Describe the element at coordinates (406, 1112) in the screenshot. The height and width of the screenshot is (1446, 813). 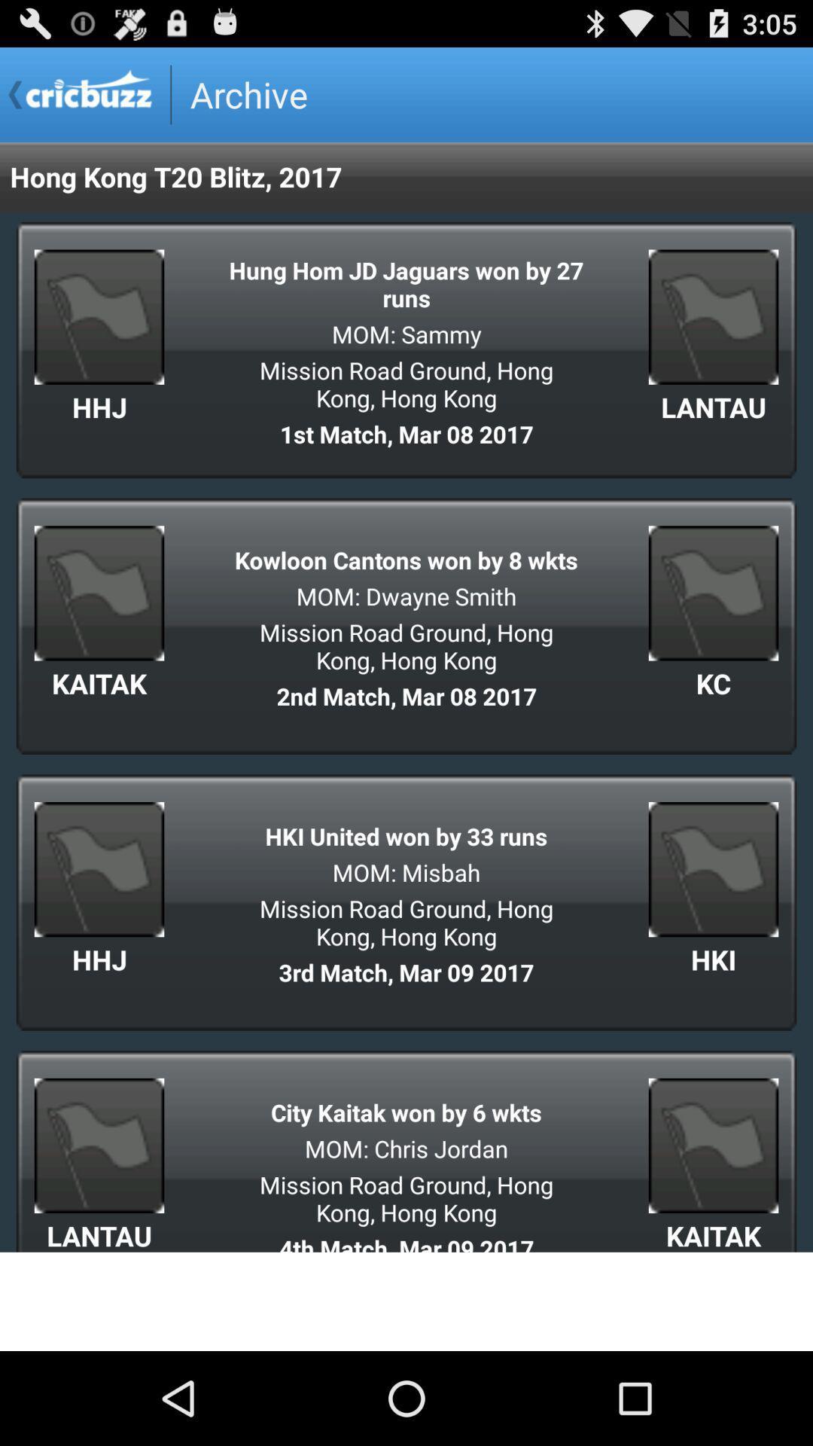
I see `the item above mom: chris jordan app` at that location.